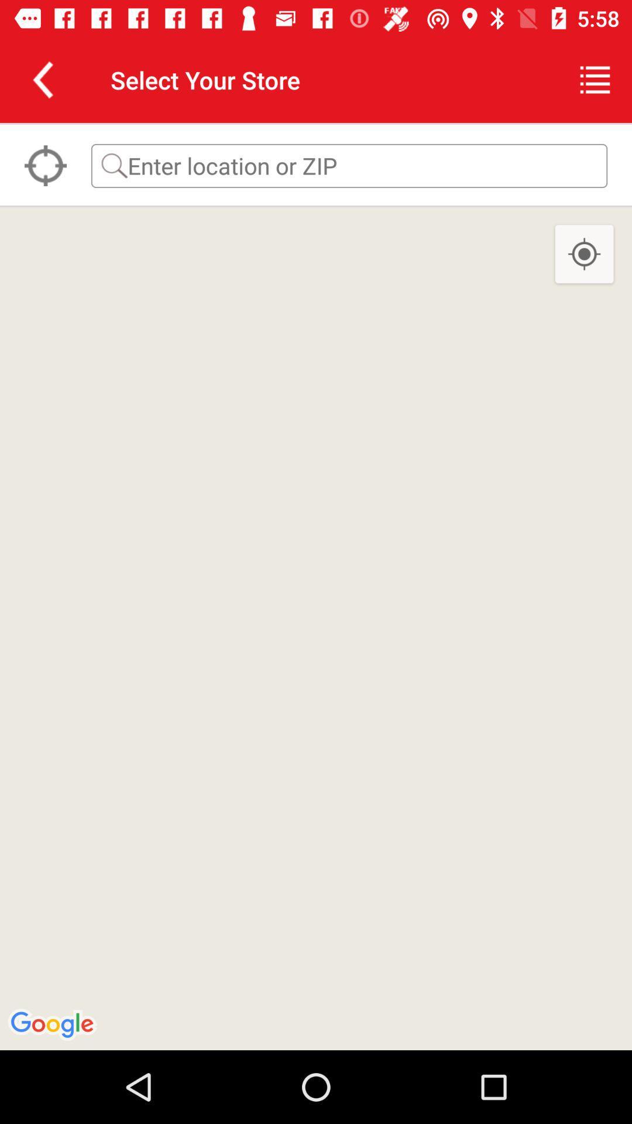 This screenshot has width=632, height=1124. I want to click on the location_crosshair icon, so click(44, 165).